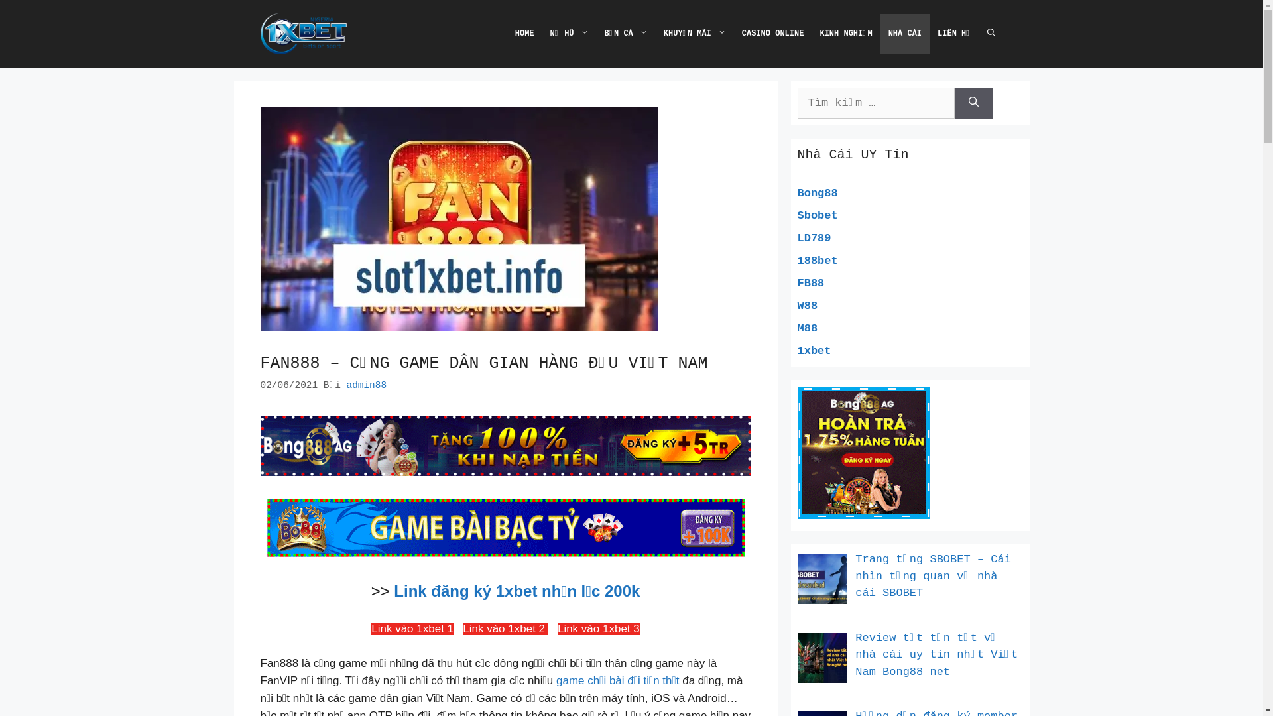  What do you see at coordinates (806, 306) in the screenshot?
I see `'W88'` at bounding box center [806, 306].